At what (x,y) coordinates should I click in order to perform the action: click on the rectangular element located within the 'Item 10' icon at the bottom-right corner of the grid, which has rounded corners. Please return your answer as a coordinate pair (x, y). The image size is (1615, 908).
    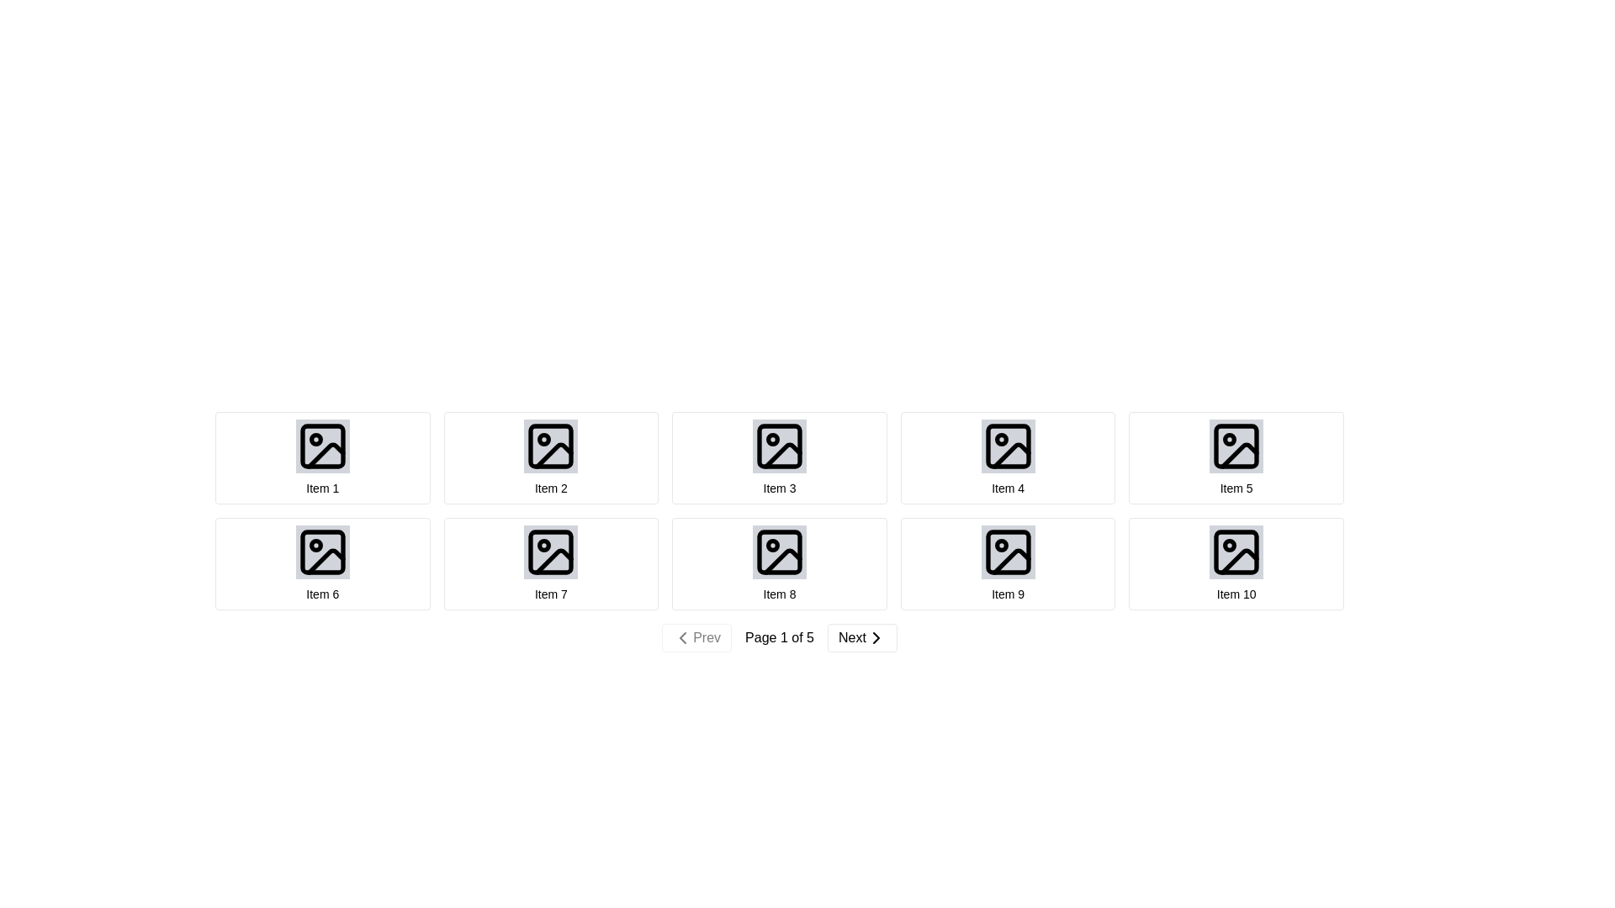
    Looking at the image, I should click on (1236, 552).